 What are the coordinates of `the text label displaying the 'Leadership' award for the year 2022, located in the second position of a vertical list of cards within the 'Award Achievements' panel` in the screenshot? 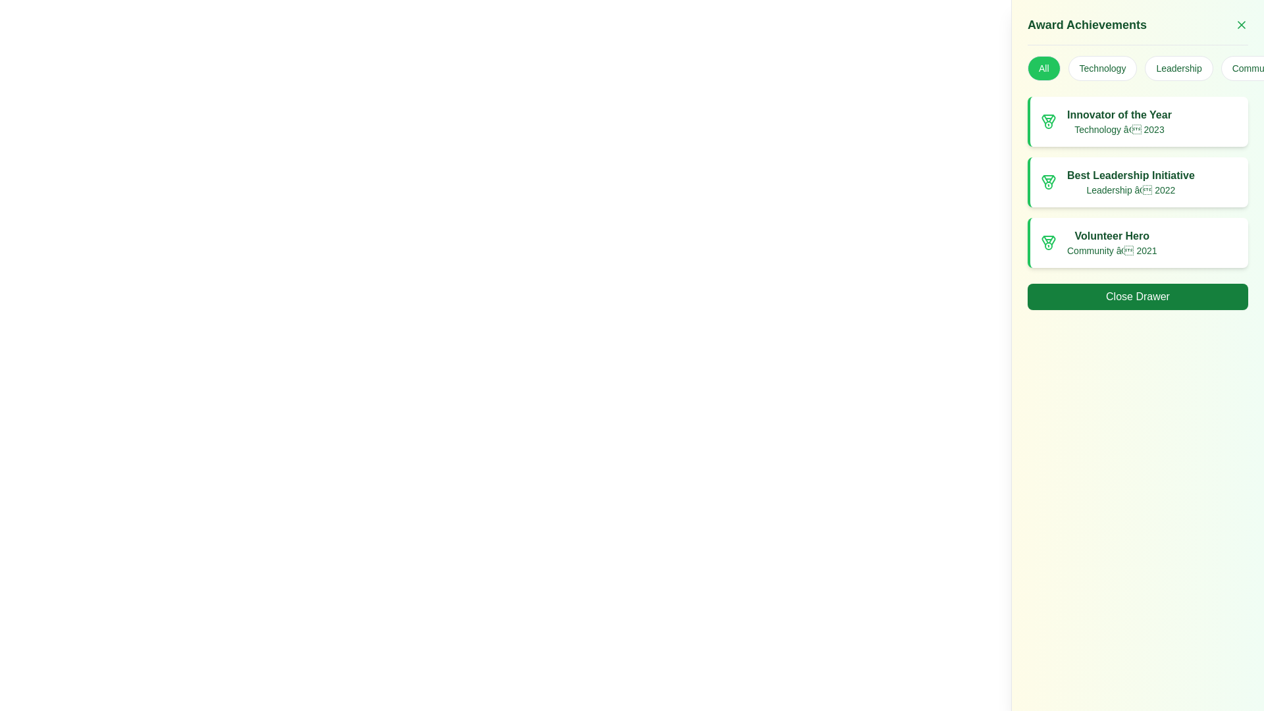 It's located at (1130, 182).